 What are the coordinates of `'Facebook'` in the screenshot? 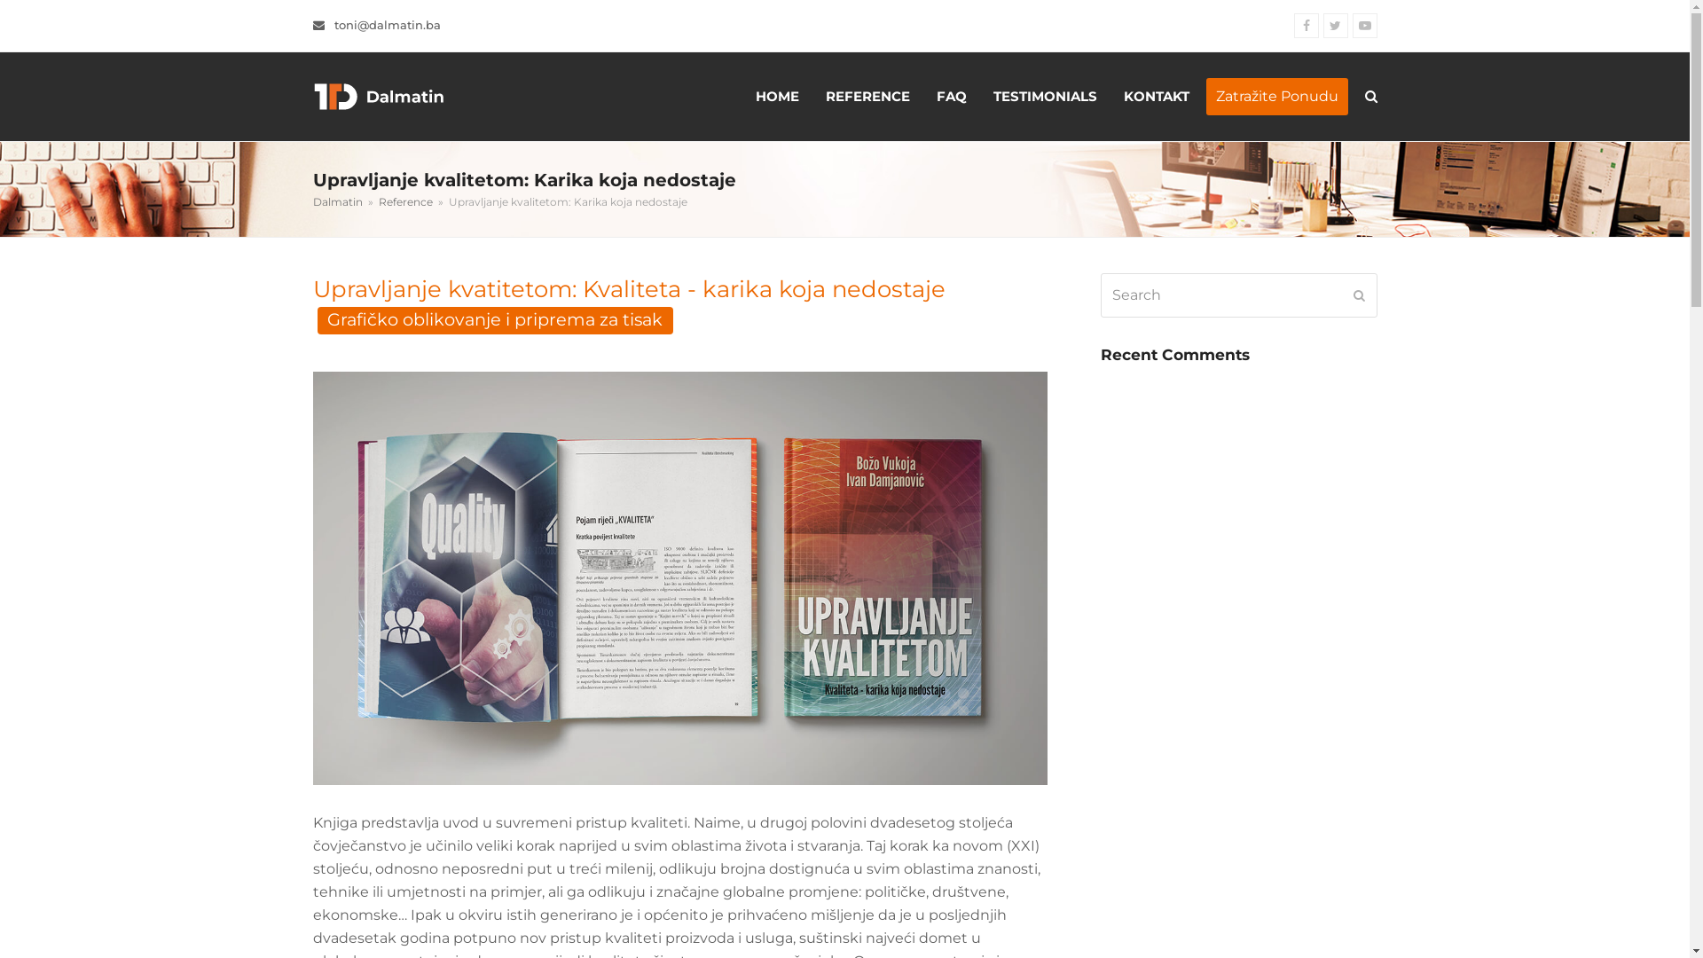 It's located at (1306, 26).